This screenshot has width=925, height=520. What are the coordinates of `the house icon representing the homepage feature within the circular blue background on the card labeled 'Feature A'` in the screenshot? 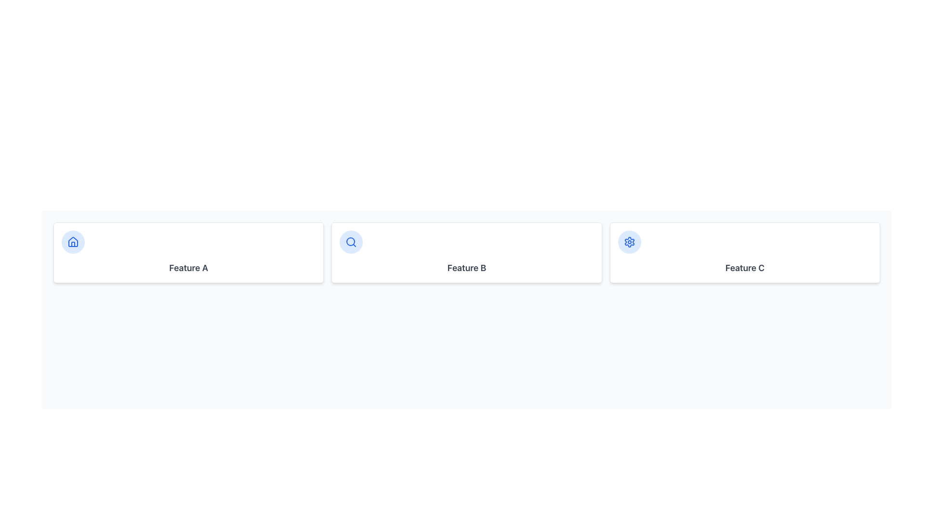 It's located at (73, 241).